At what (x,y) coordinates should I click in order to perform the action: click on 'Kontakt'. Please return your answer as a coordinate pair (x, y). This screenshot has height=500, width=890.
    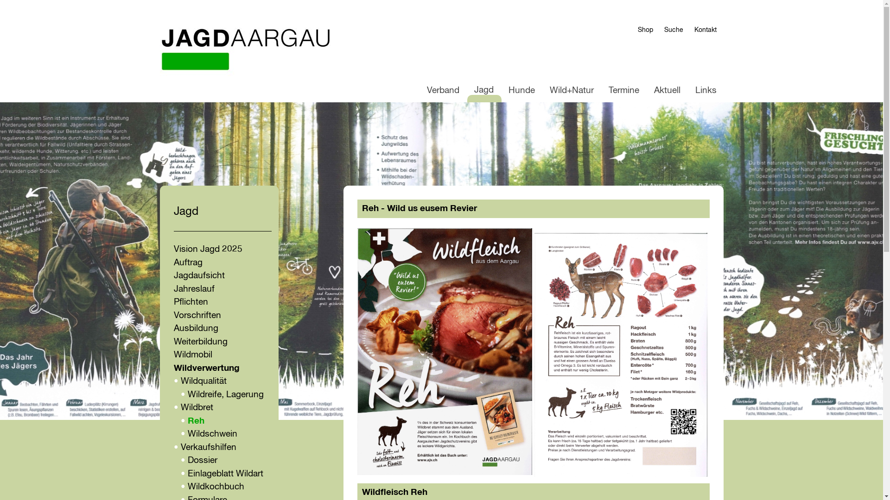
    Looking at the image, I should click on (705, 30).